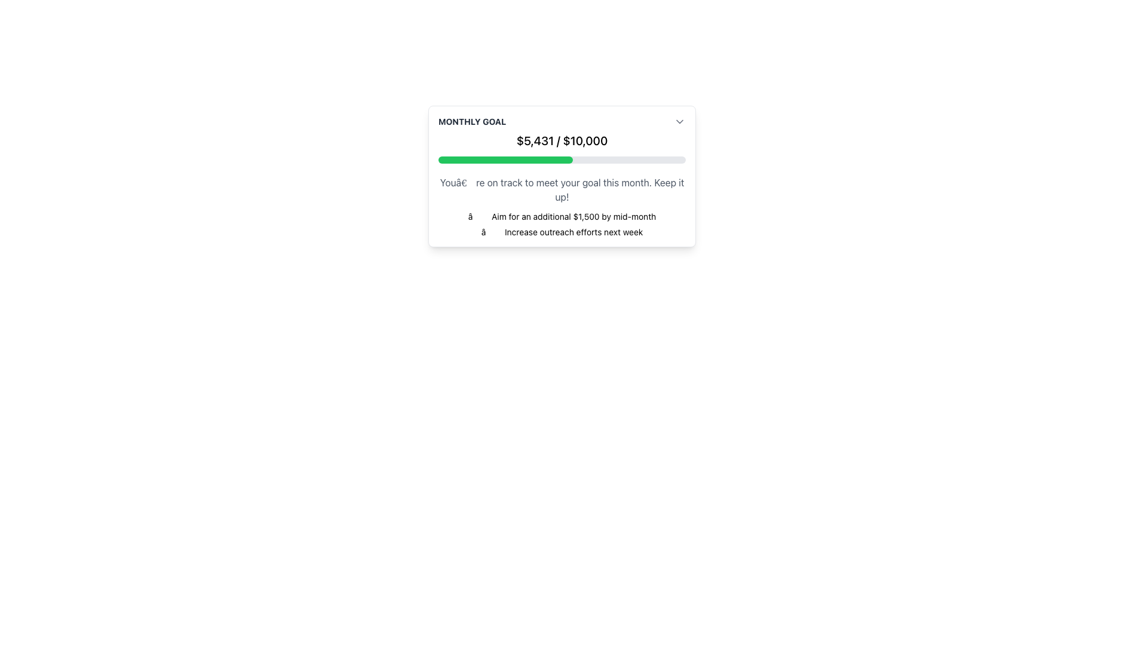 The image size is (1147, 645). Describe the element at coordinates (679, 122) in the screenshot. I see `the dropdown toggle button, which is a downward-facing chevron icon located at the far right side of the 'Monthly Goal' section` at that location.